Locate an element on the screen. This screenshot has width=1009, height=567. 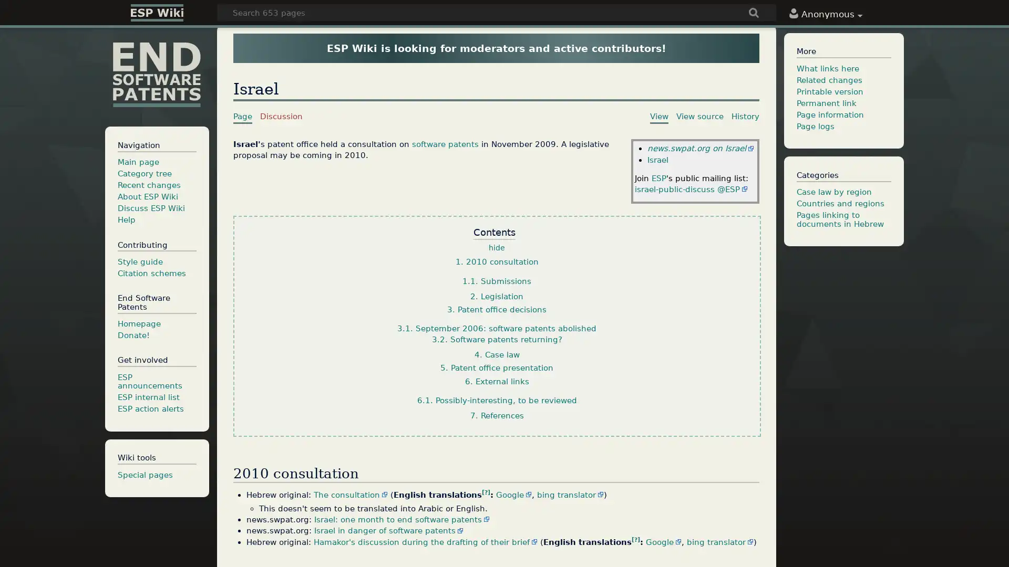
Go is located at coordinates (754, 14).